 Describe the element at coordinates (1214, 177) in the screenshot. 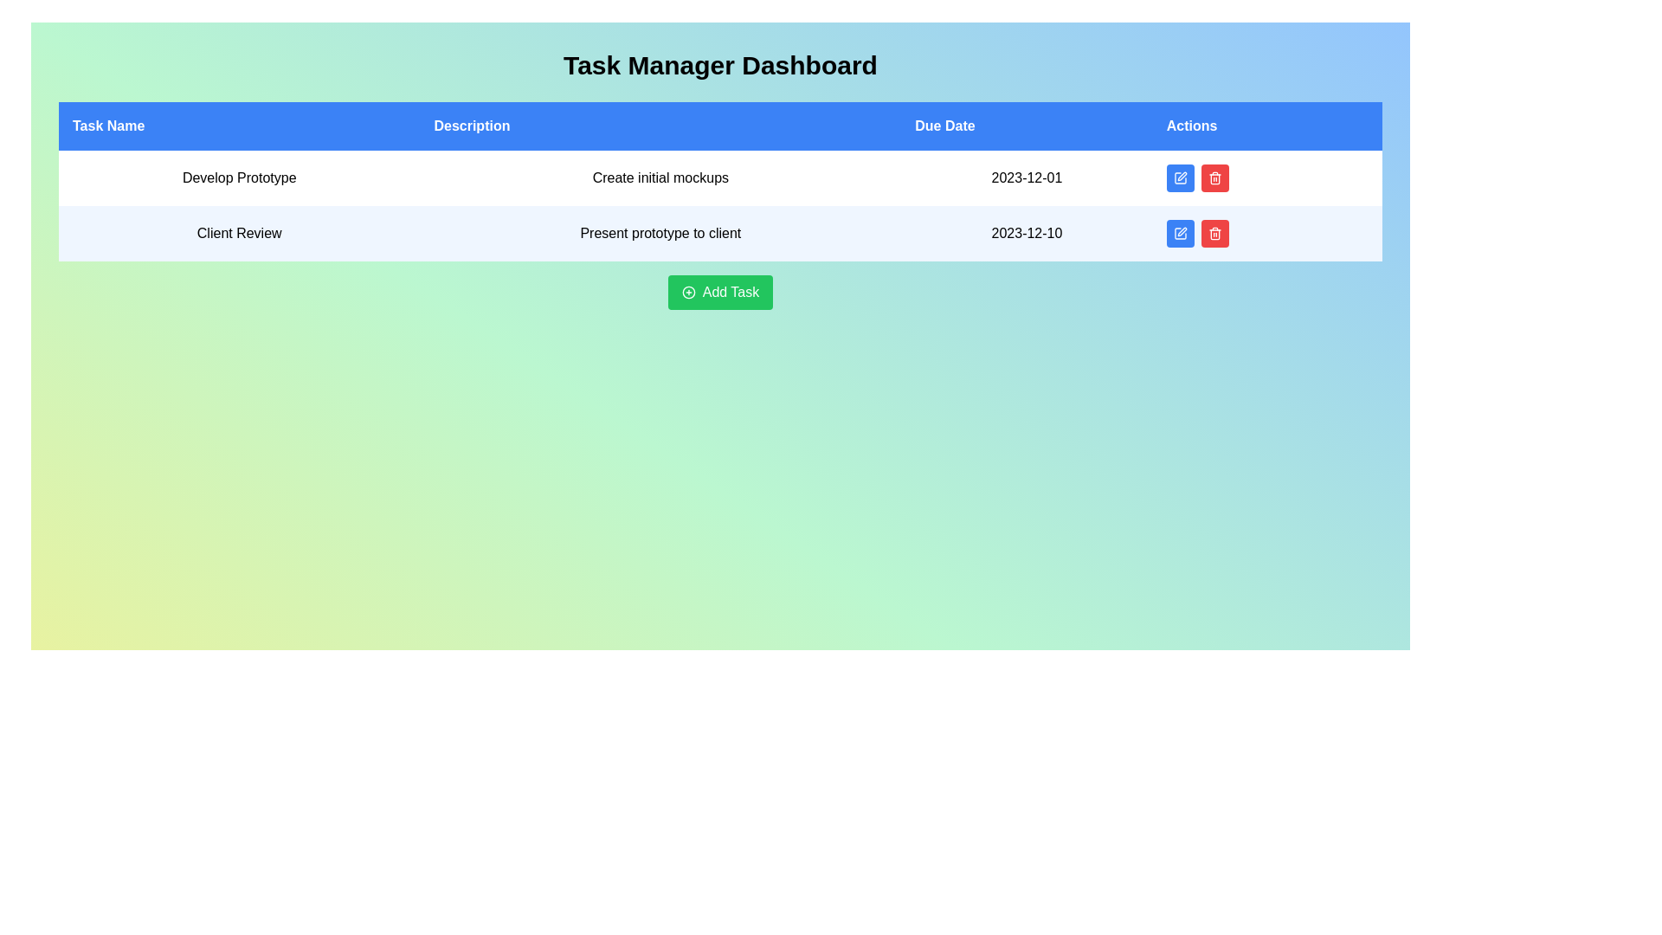

I see `the red trash icon button located in the 'Actions' column of the second task row for 'Client Review'` at that location.